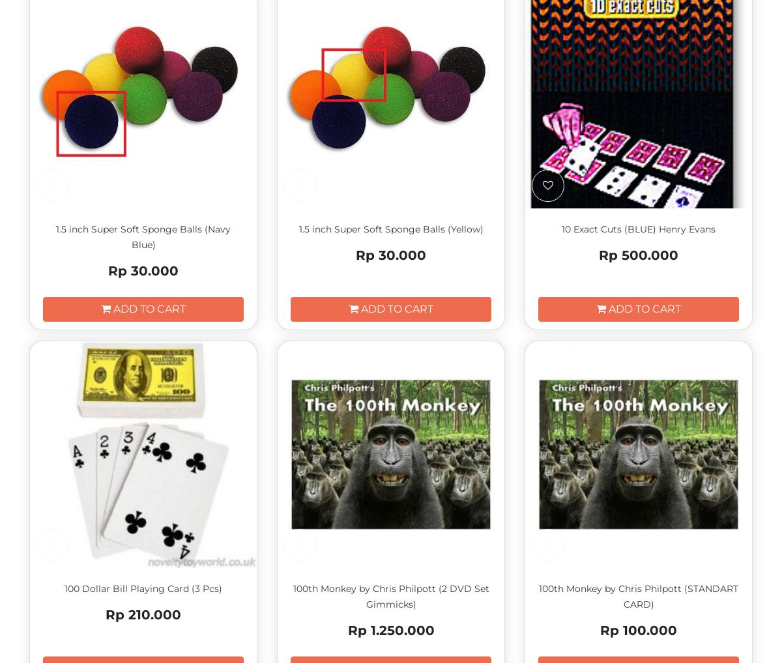  What do you see at coordinates (142, 588) in the screenshot?
I see `'100 Dollar Bill Playing Card (3 Pcs)'` at bounding box center [142, 588].